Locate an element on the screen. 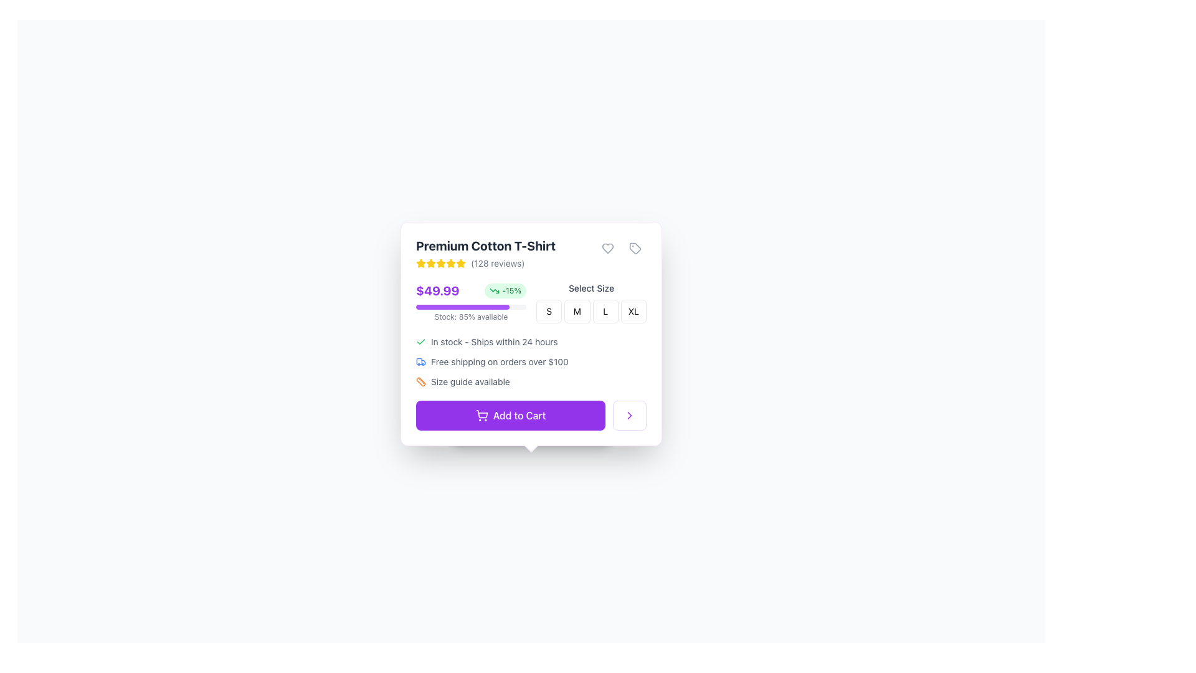 This screenshot has width=1196, height=673. the progress indicator (horizontal bar) that visually represents the stock availability percentage, located below the 'Stock: 85% available' text in the product information panel is located at coordinates (462, 307).